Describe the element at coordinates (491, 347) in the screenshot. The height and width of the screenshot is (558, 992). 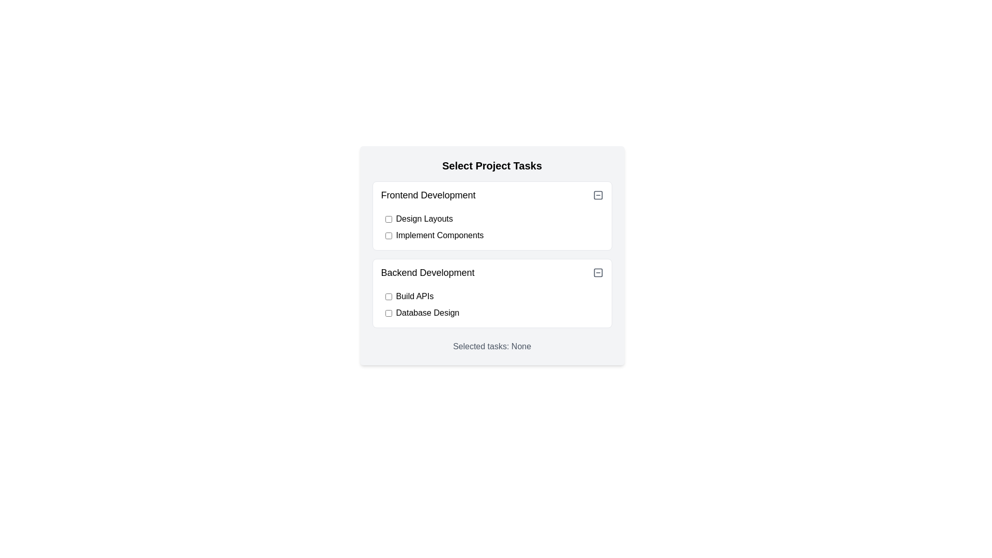
I see `the text label displaying 'Selected tasks: None' located at the bottom of the dialog box titled 'Select Project Tasks'` at that location.